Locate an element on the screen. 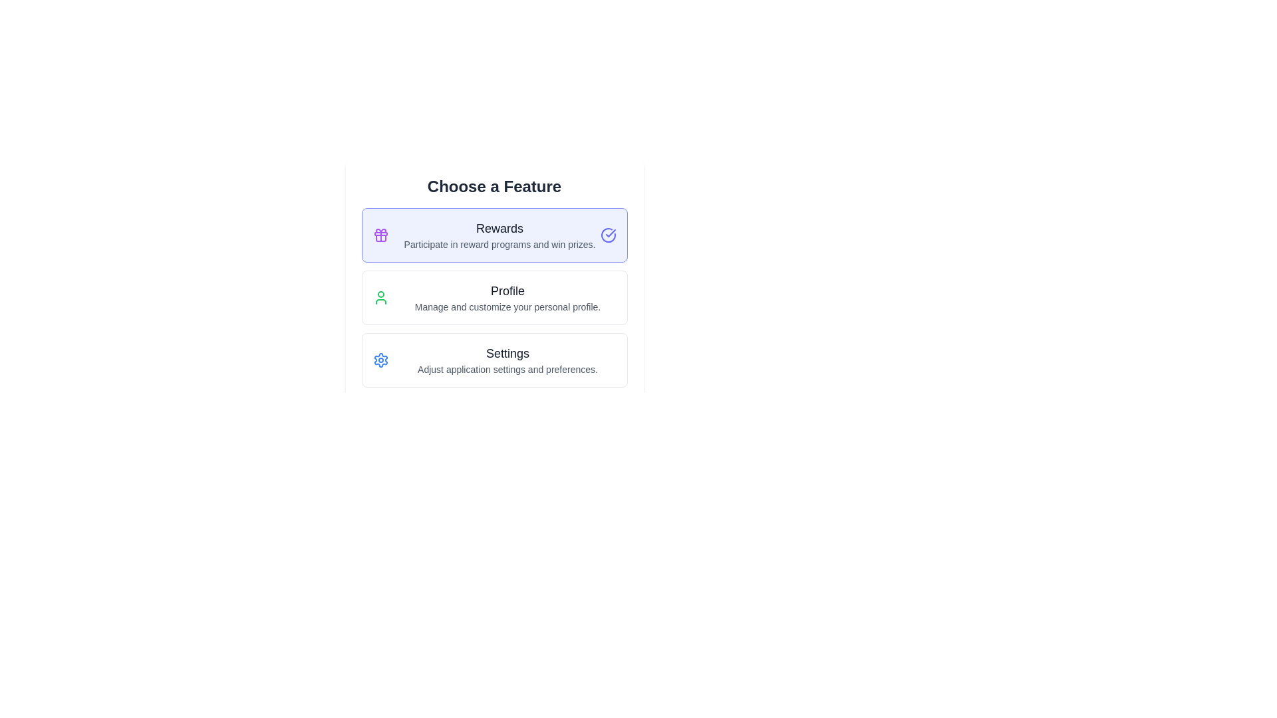 Image resolution: width=1277 pixels, height=718 pixels. the 'Settings' button-like card component, which is the third card in a vertical list is located at coordinates (494, 360).